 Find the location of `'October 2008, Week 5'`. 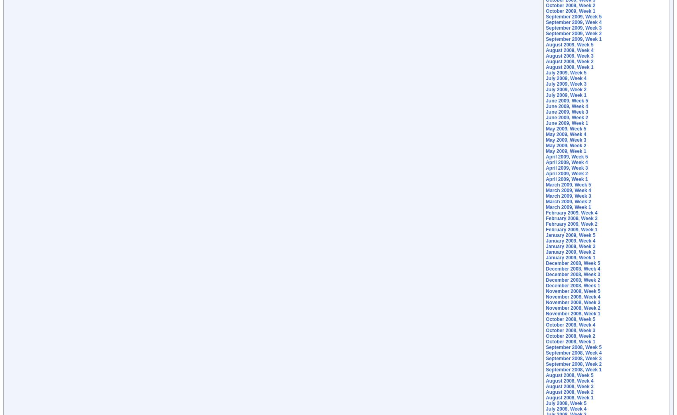

'October 2008, Week 5' is located at coordinates (570, 319).